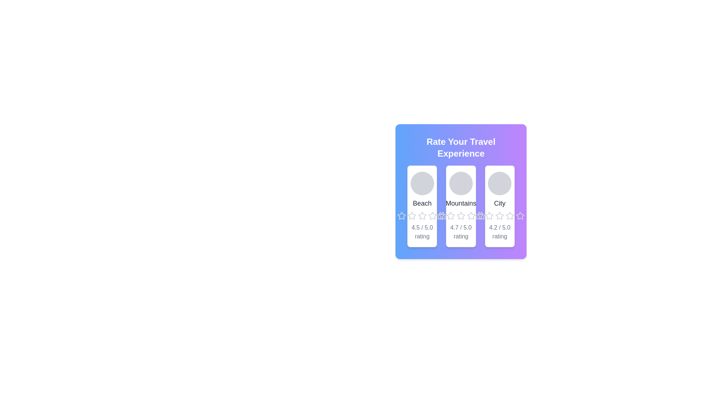  I want to click on the fourth star icon in the Beach rating section, so click(422, 216).